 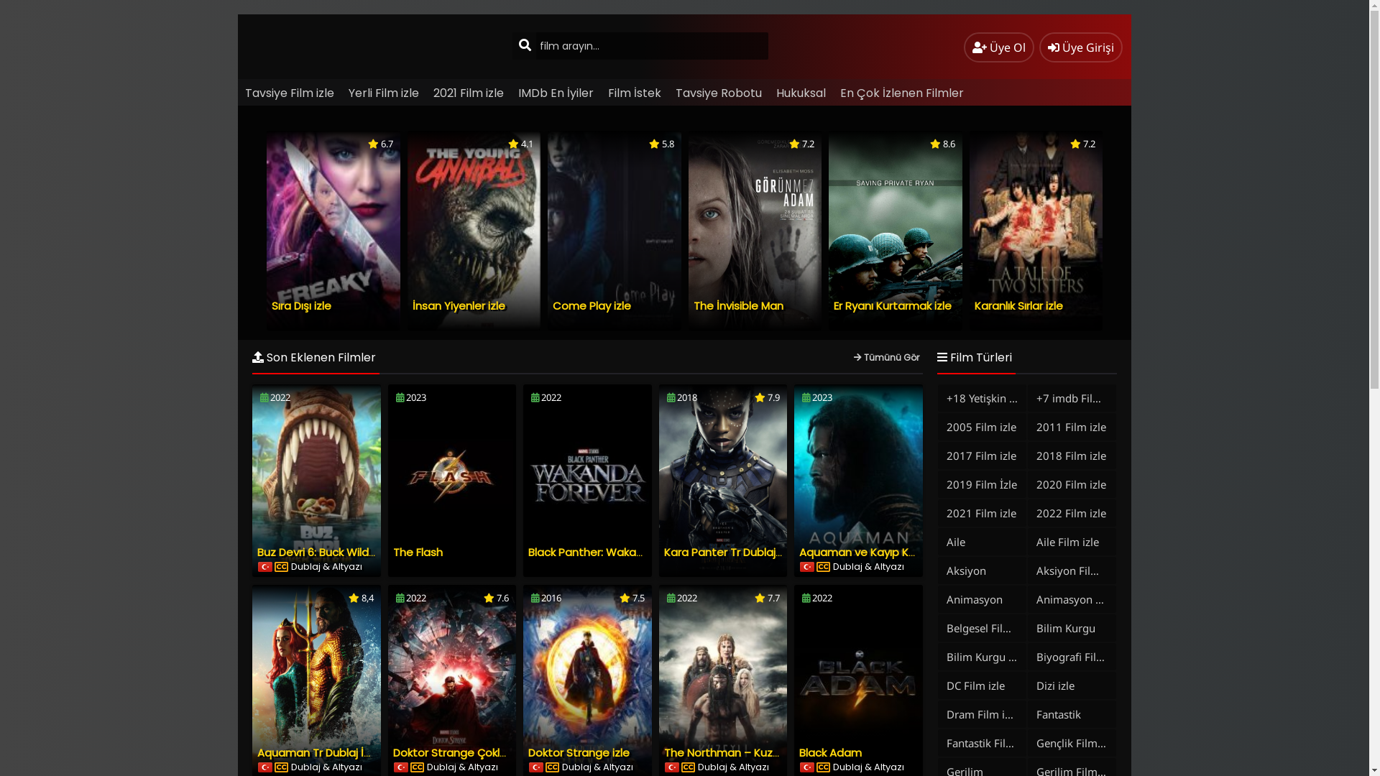 I want to click on 'Fantastik Film izle', so click(x=981, y=742).